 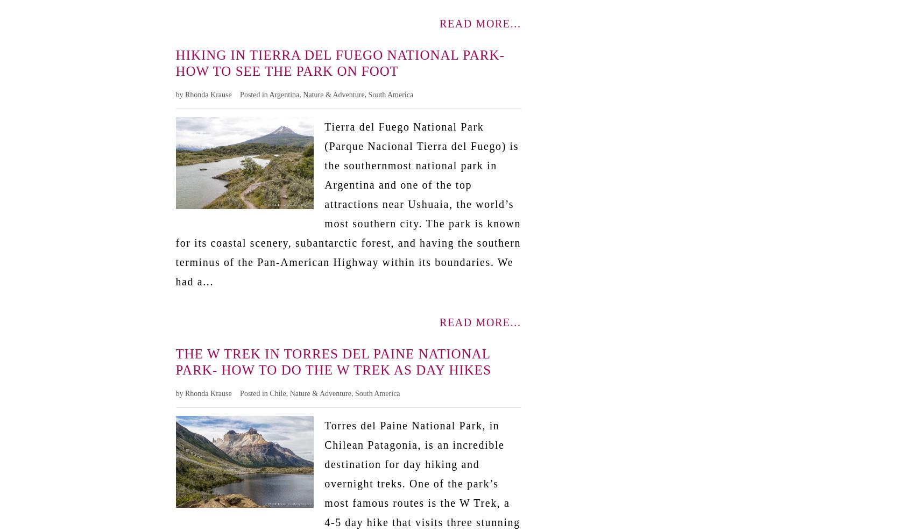 I want to click on 'The W Trek in Torres del Paine National Park- How to Do the W Trek as Day Hikes', so click(x=333, y=361).